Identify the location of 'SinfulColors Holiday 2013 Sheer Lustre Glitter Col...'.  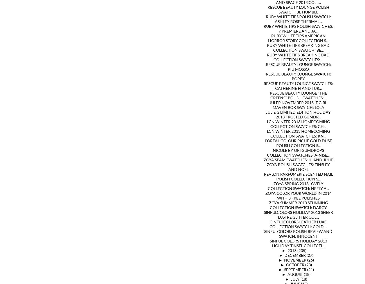
(298, 214).